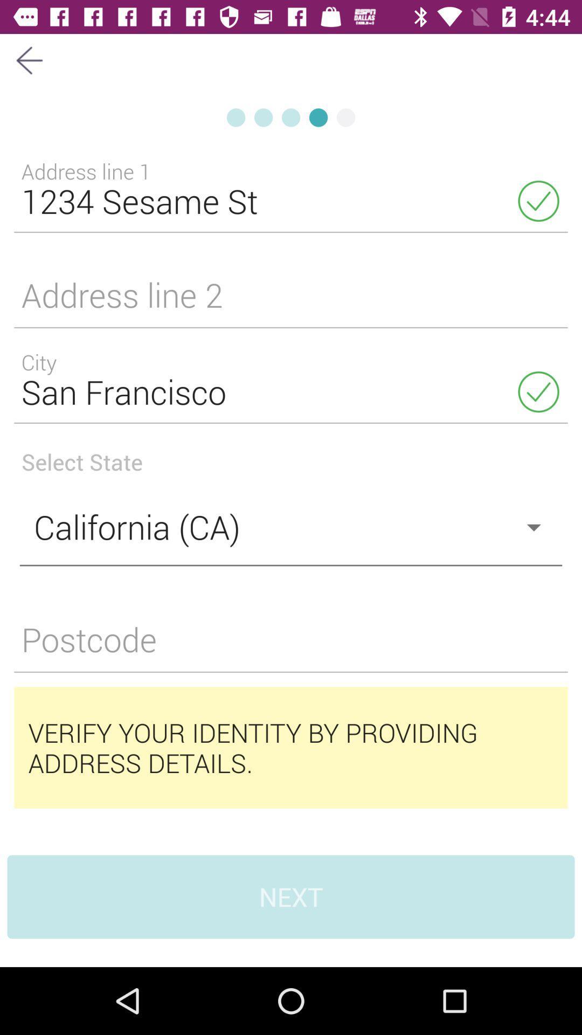  What do you see at coordinates (291, 646) in the screenshot?
I see `your postcode` at bounding box center [291, 646].